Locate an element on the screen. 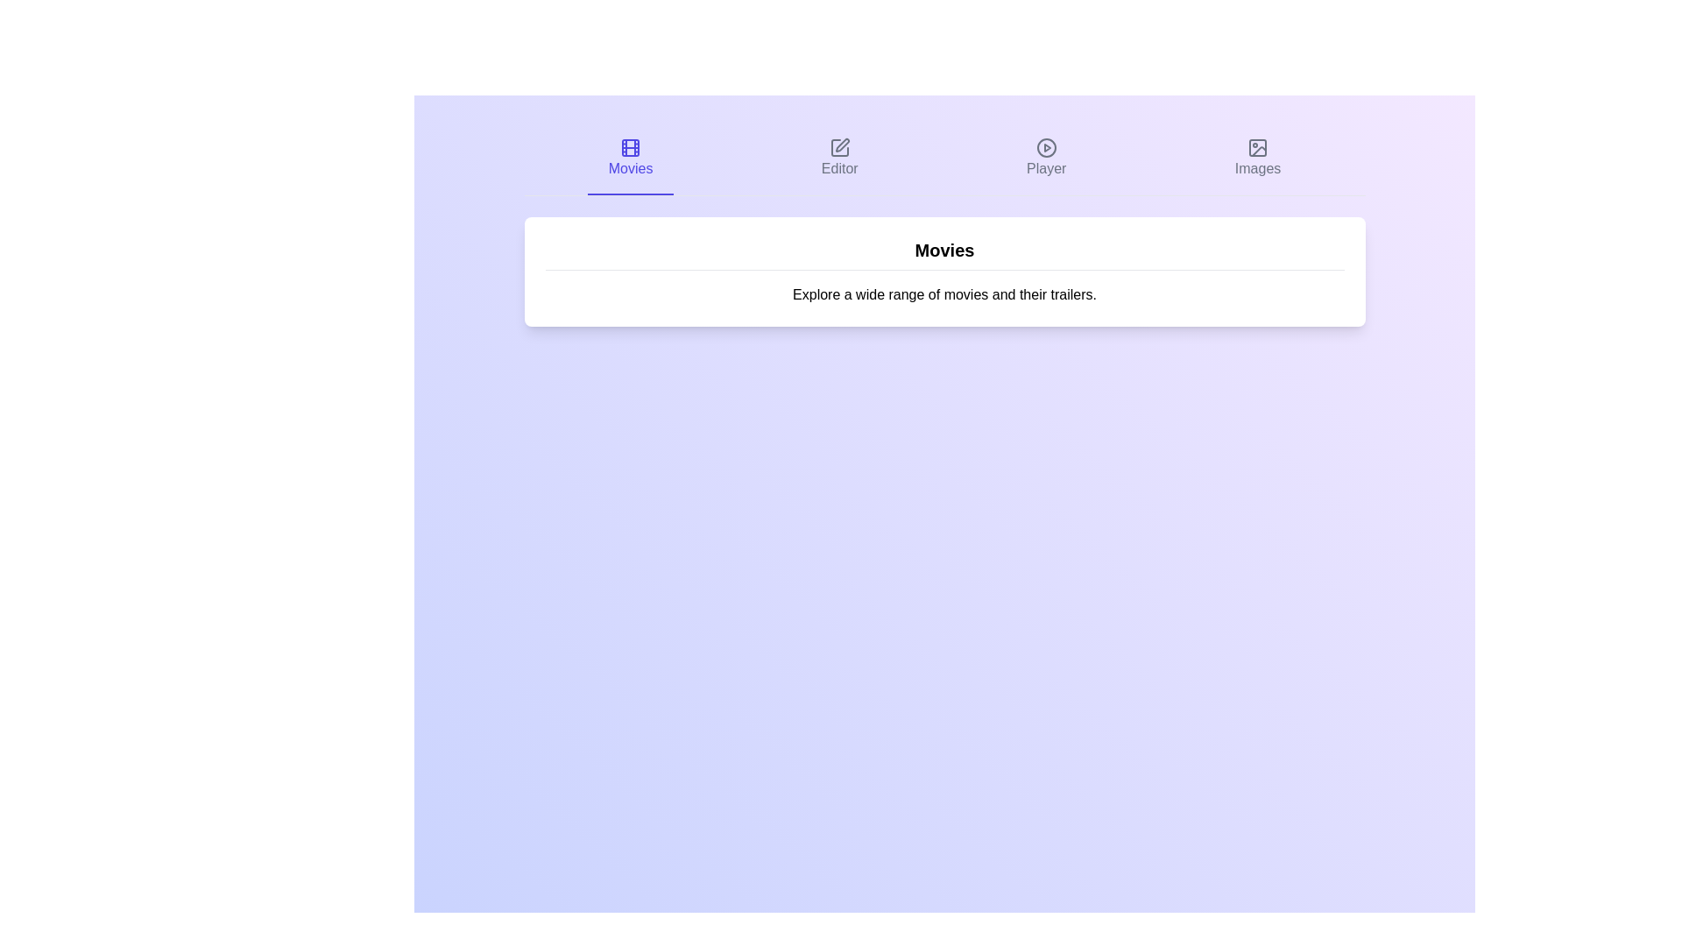 This screenshot has height=946, width=1682. the Movies tab by clicking on it is located at coordinates (631, 159).